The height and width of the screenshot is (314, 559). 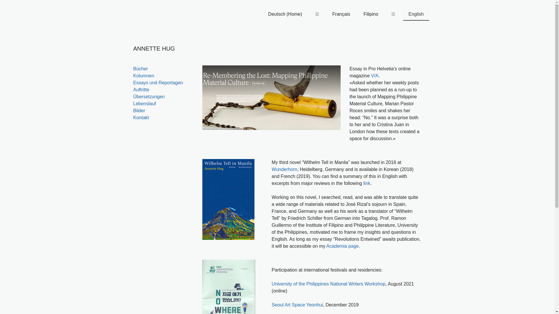 I want to click on 'English', so click(x=403, y=14).